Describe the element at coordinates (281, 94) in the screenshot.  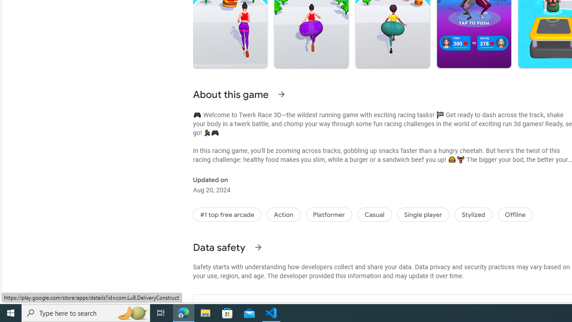
I see `'See more information on About this game'` at that location.